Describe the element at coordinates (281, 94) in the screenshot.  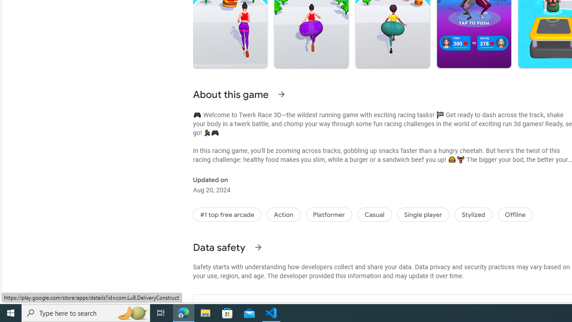
I see `'See more information on About this game'` at that location.